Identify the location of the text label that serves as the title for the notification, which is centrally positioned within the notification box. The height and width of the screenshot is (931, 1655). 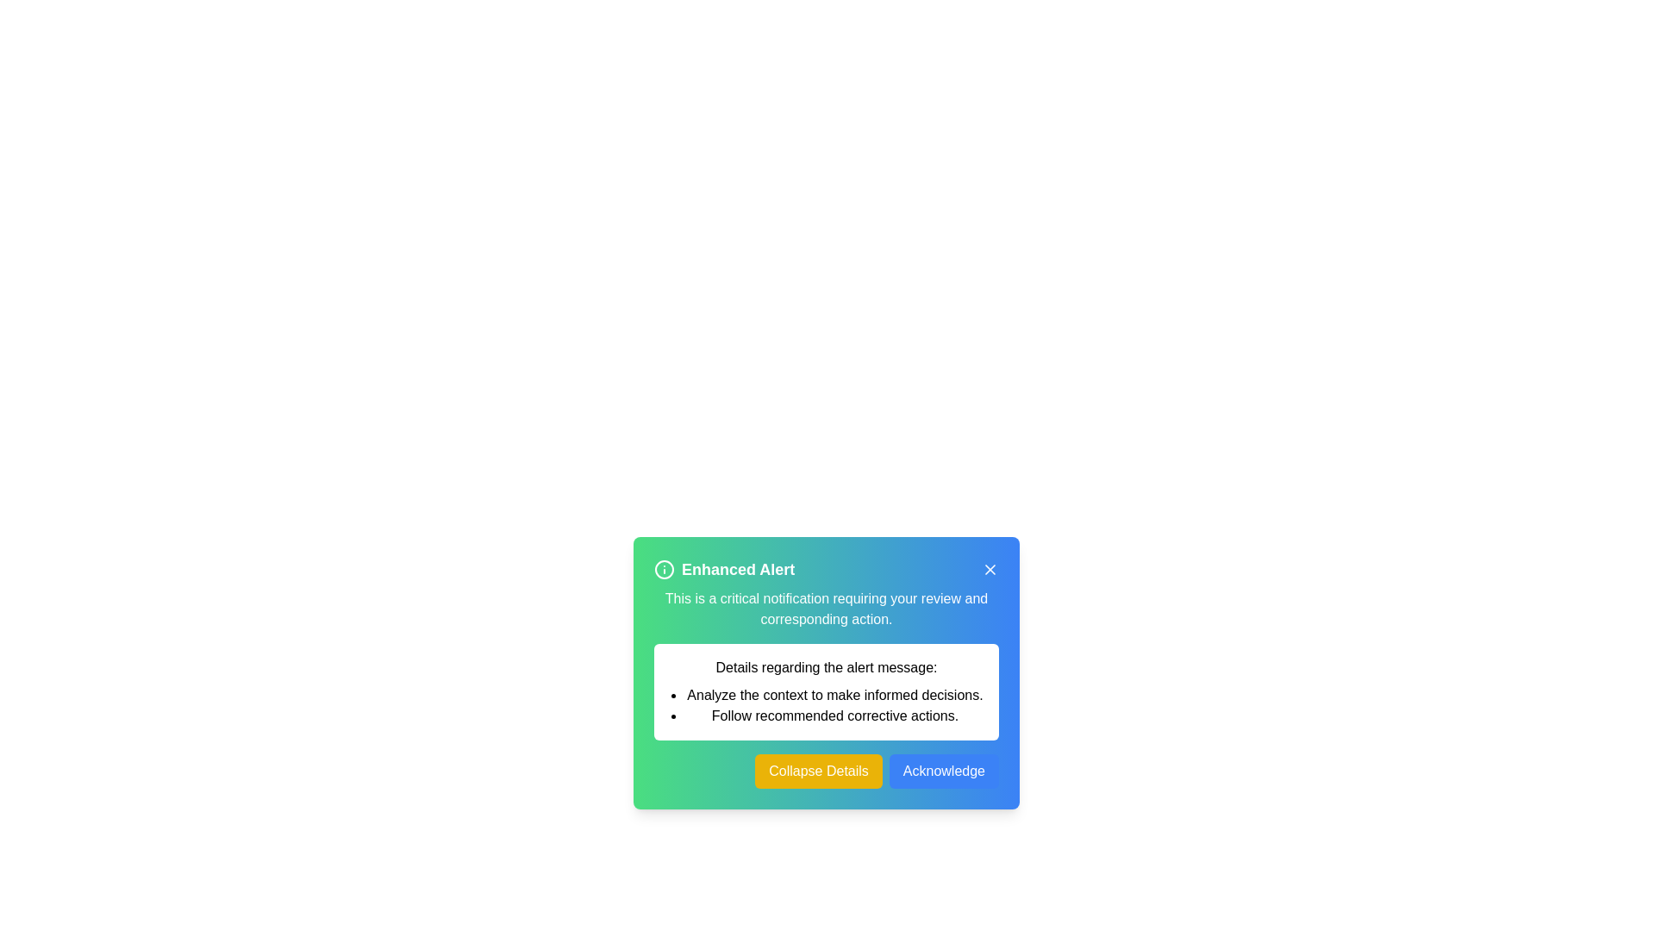
(738, 569).